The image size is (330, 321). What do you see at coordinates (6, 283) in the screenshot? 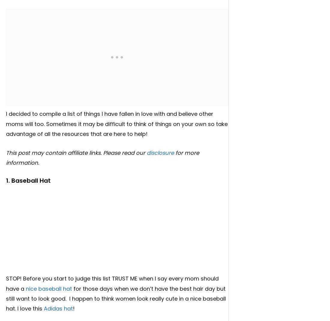
I see `'STOP! Before you start to judge this list TRUST ME when I say every mom should have a'` at bounding box center [6, 283].